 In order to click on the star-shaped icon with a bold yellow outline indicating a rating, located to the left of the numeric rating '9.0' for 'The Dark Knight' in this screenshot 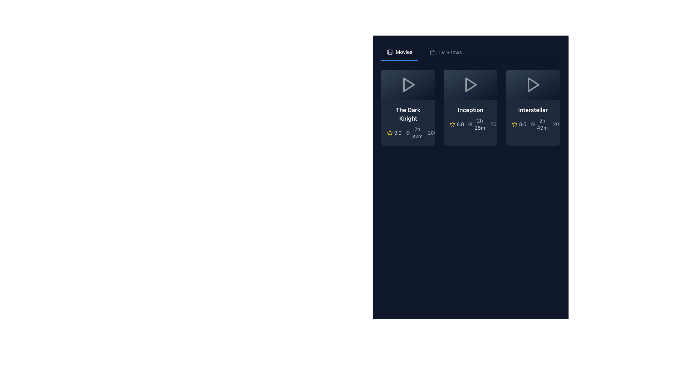, I will do `click(389, 133)`.